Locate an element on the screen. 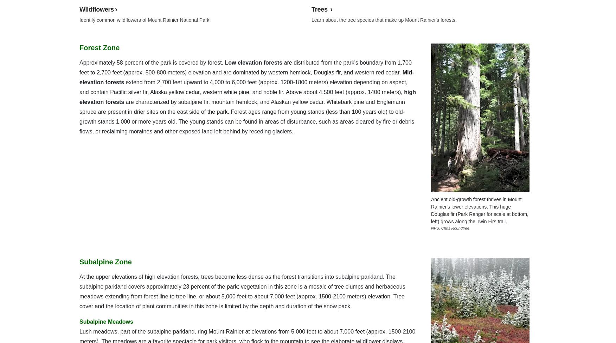  'Flickr' is located at coordinates (216, 29).